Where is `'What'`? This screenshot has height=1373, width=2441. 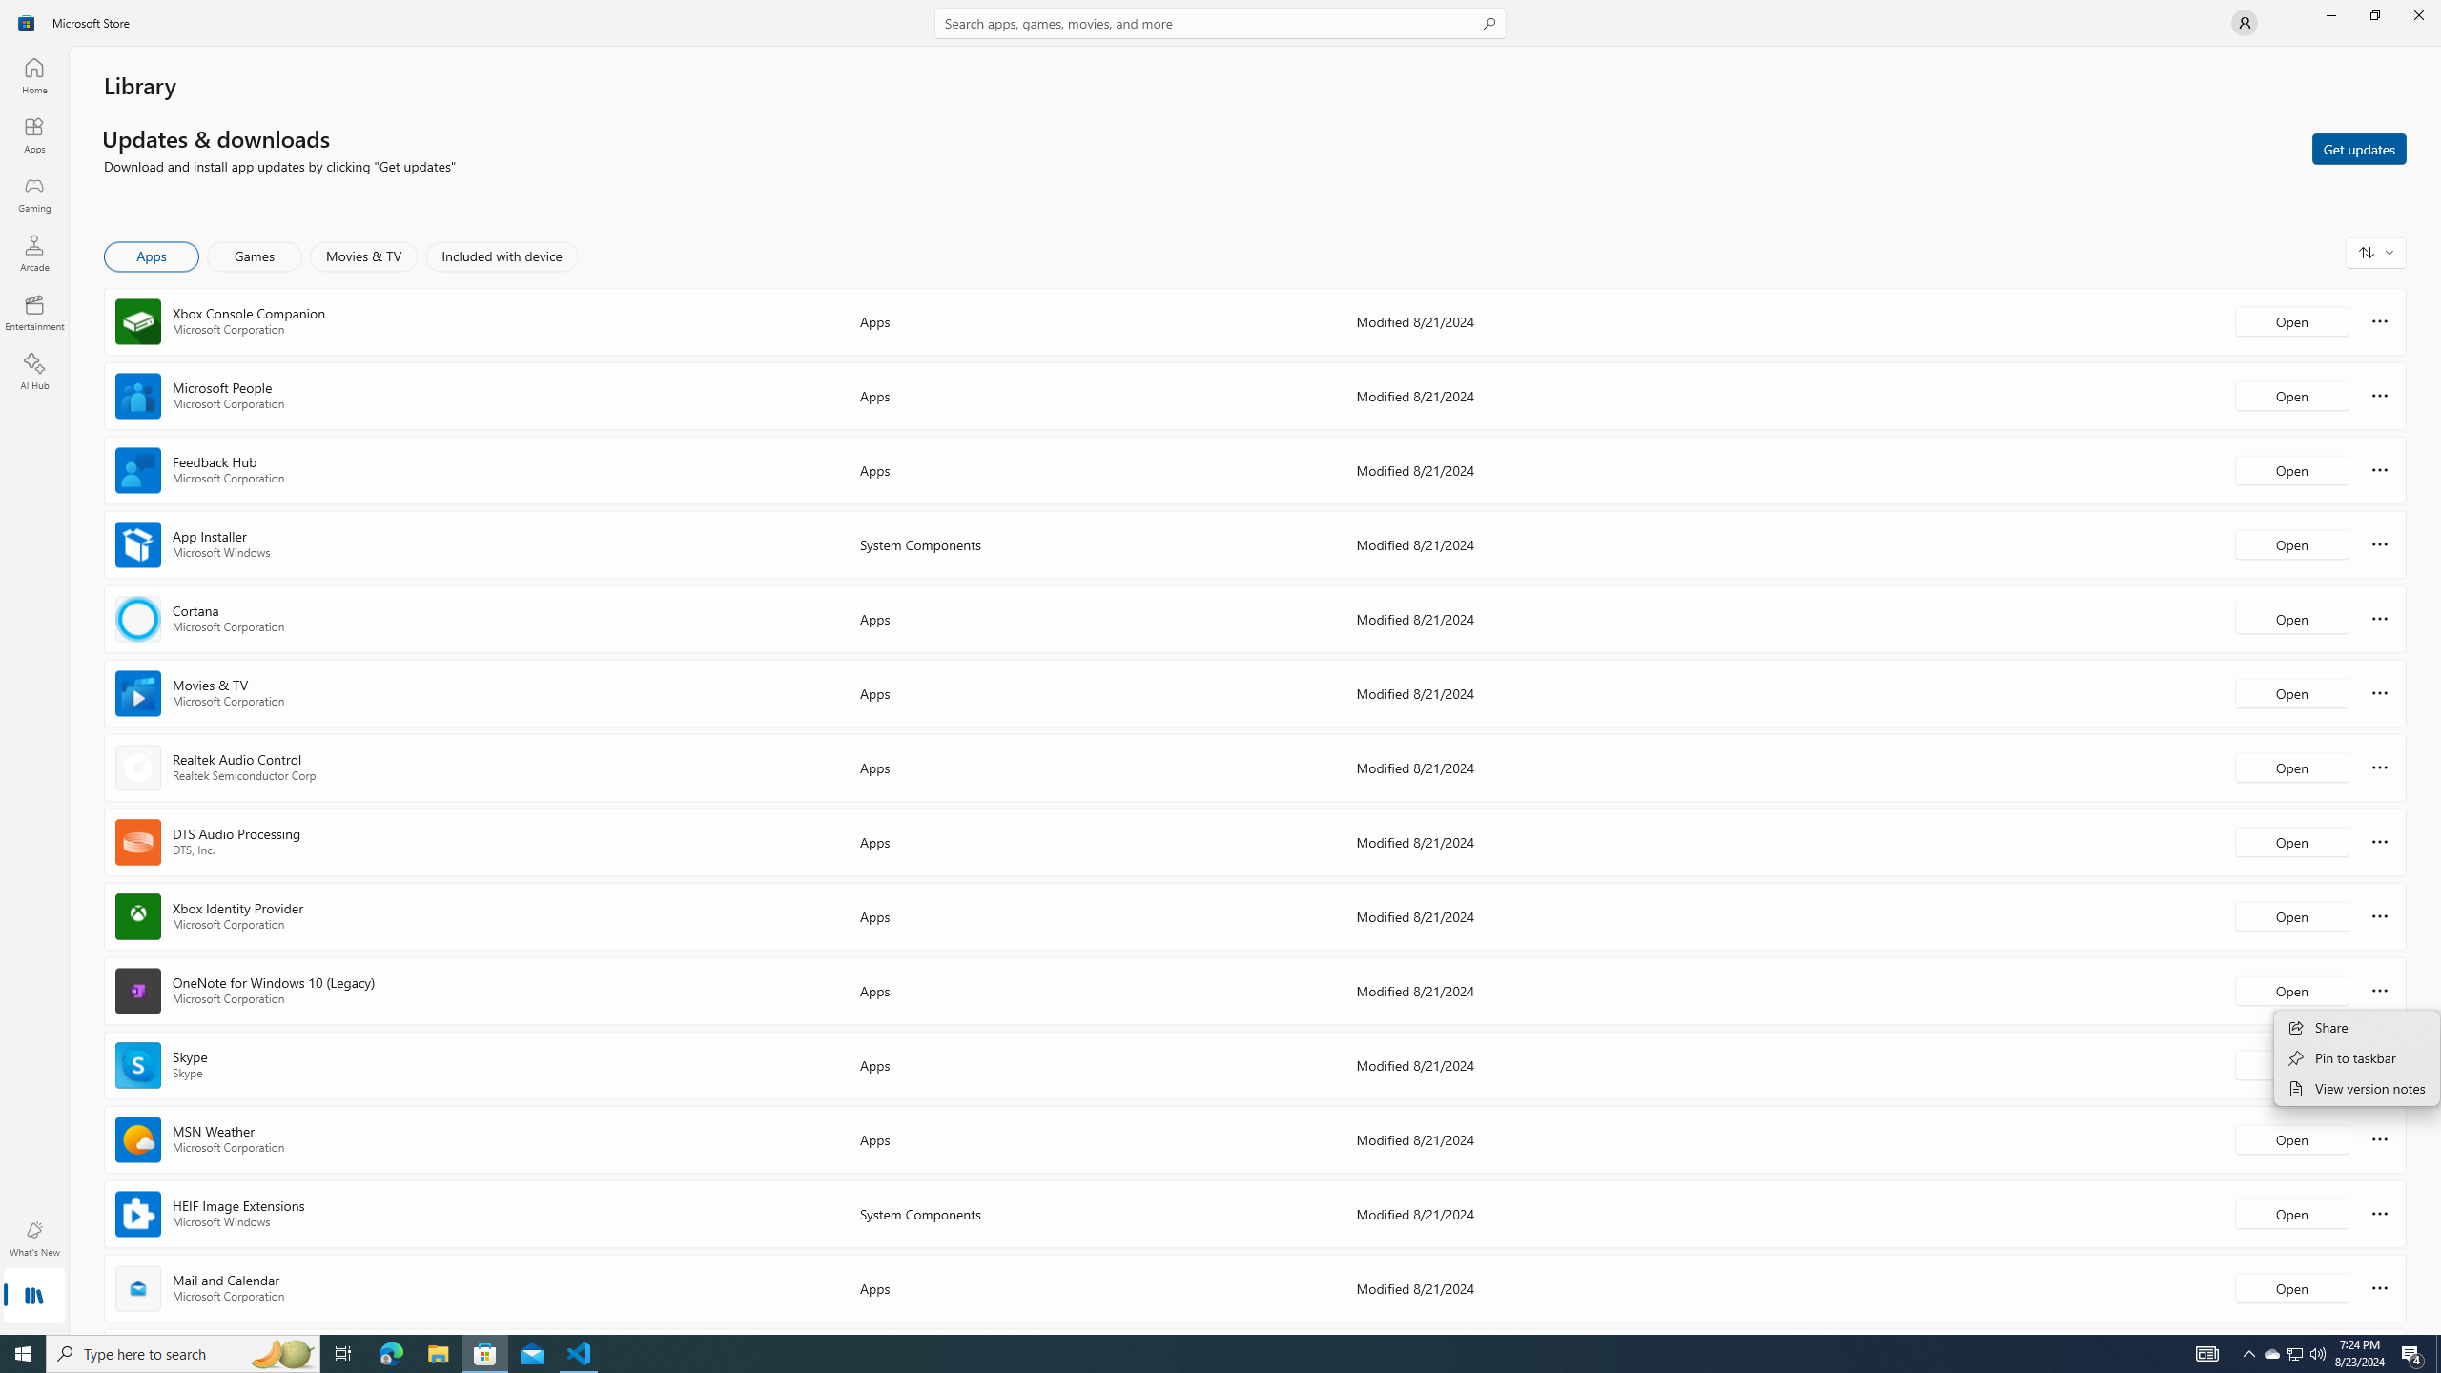 'What' is located at coordinates (32, 1238).